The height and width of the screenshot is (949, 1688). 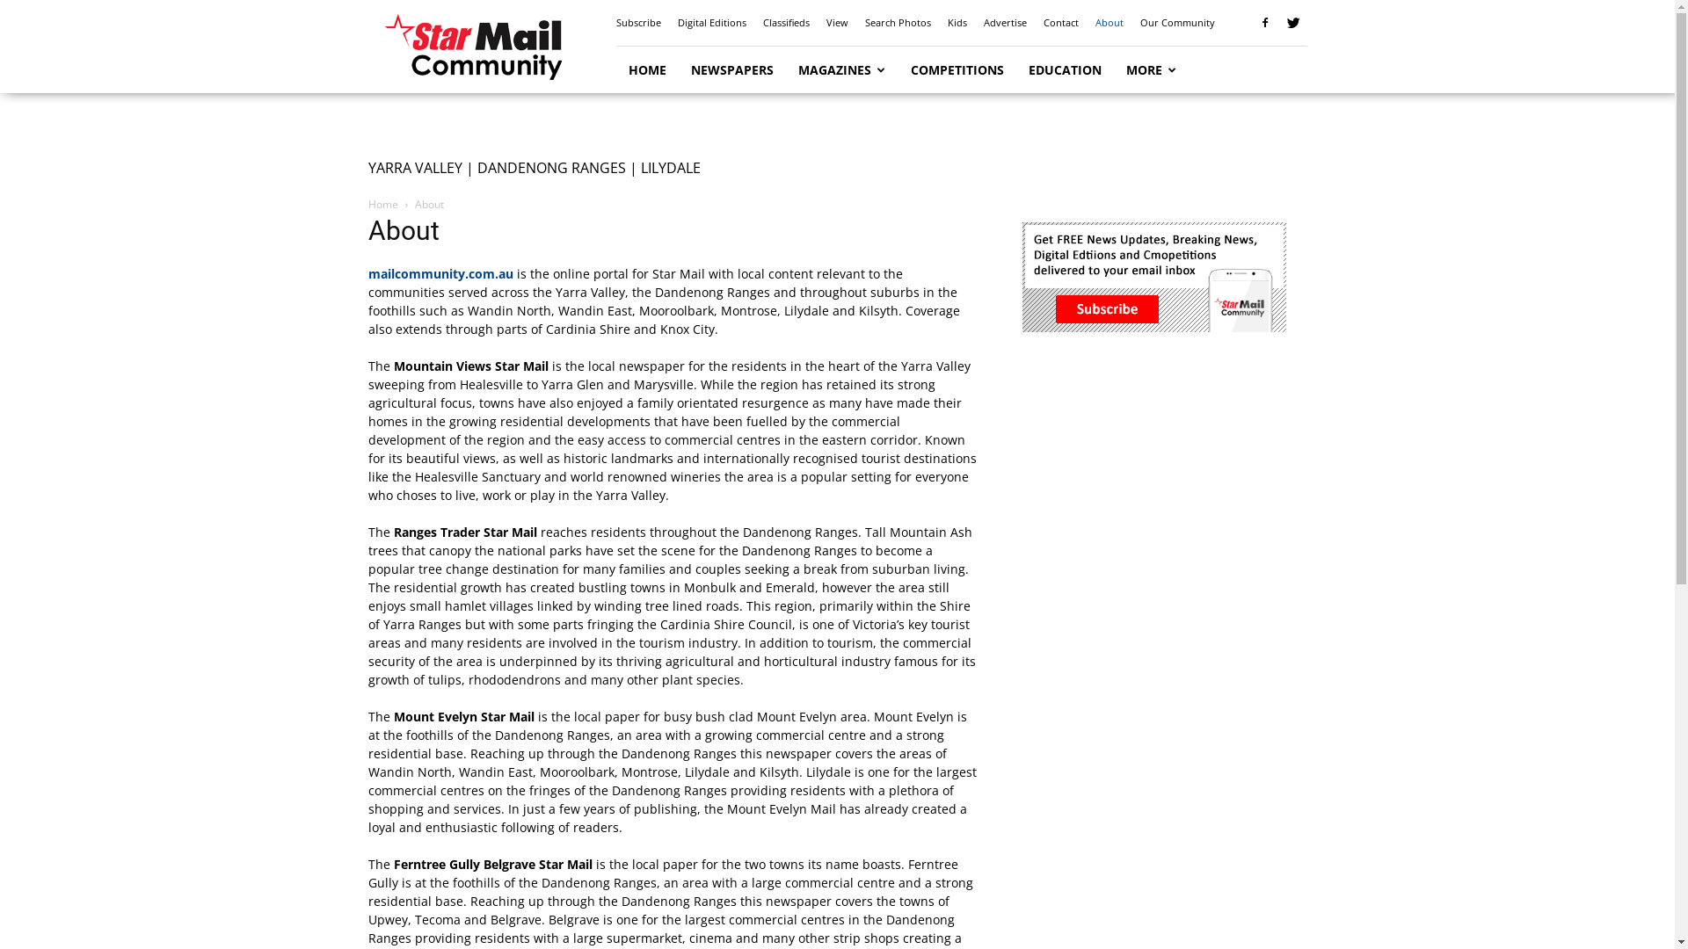 What do you see at coordinates (957, 69) in the screenshot?
I see `'COMPETITIONS'` at bounding box center [957, 69].